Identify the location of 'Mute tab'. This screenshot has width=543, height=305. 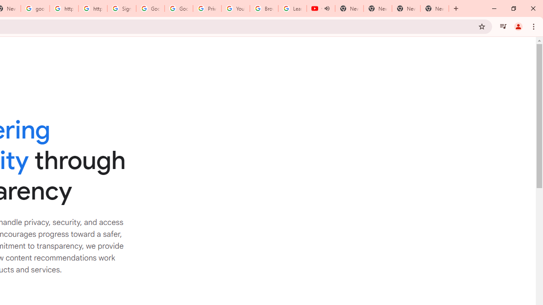
(327, 8).